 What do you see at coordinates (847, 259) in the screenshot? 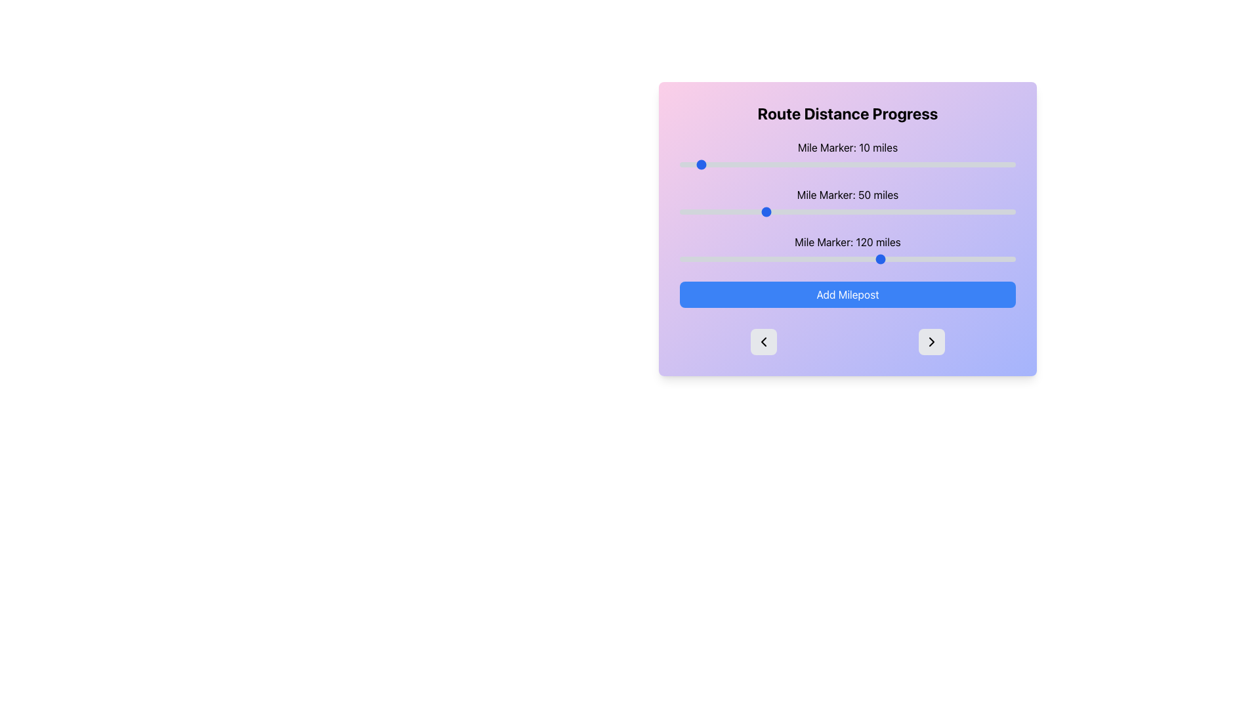
I see `the horizontal range slider with a blue handle located below the label 'Mile Marker: 120 miles' and aligned horizontally with it` at bounding box center [847, 259].